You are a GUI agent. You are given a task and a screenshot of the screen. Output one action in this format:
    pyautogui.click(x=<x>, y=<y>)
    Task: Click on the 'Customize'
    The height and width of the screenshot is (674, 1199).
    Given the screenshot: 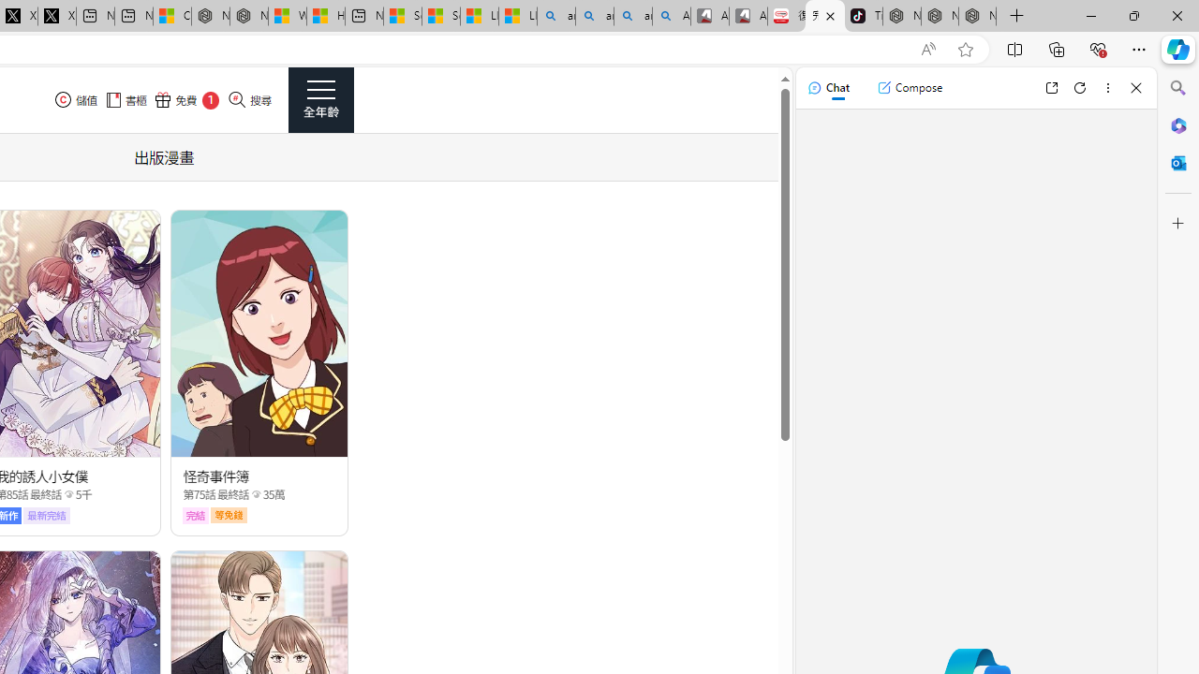 What is the action you would take?
    pyautogui.click(x=1177, y=223)
    